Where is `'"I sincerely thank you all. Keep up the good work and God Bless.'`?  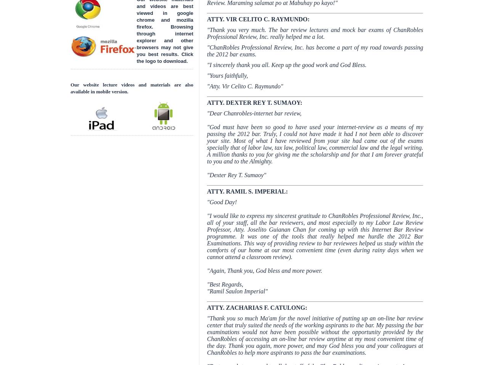 '"I sincerely thank you all. Keep up the good work and God Bless.' is located at coordinates (207, 64).